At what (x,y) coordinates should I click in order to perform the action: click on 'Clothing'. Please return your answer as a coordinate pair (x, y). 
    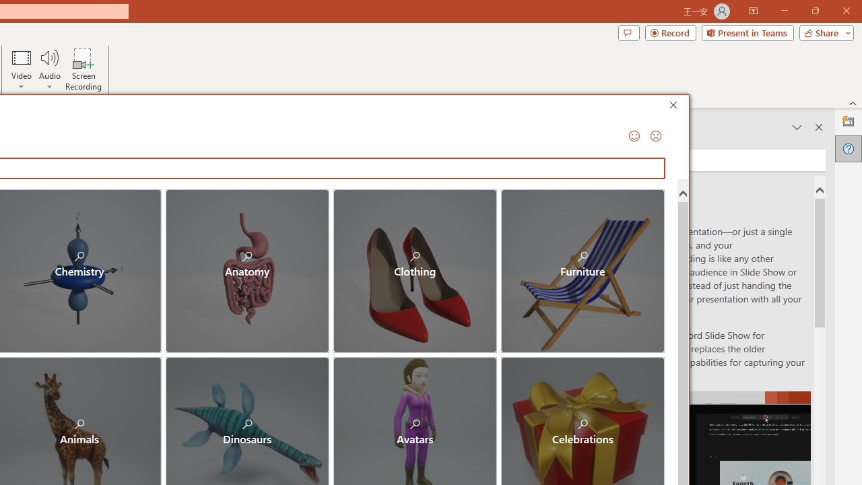
    Looking at the image, I should click on (414, 271).